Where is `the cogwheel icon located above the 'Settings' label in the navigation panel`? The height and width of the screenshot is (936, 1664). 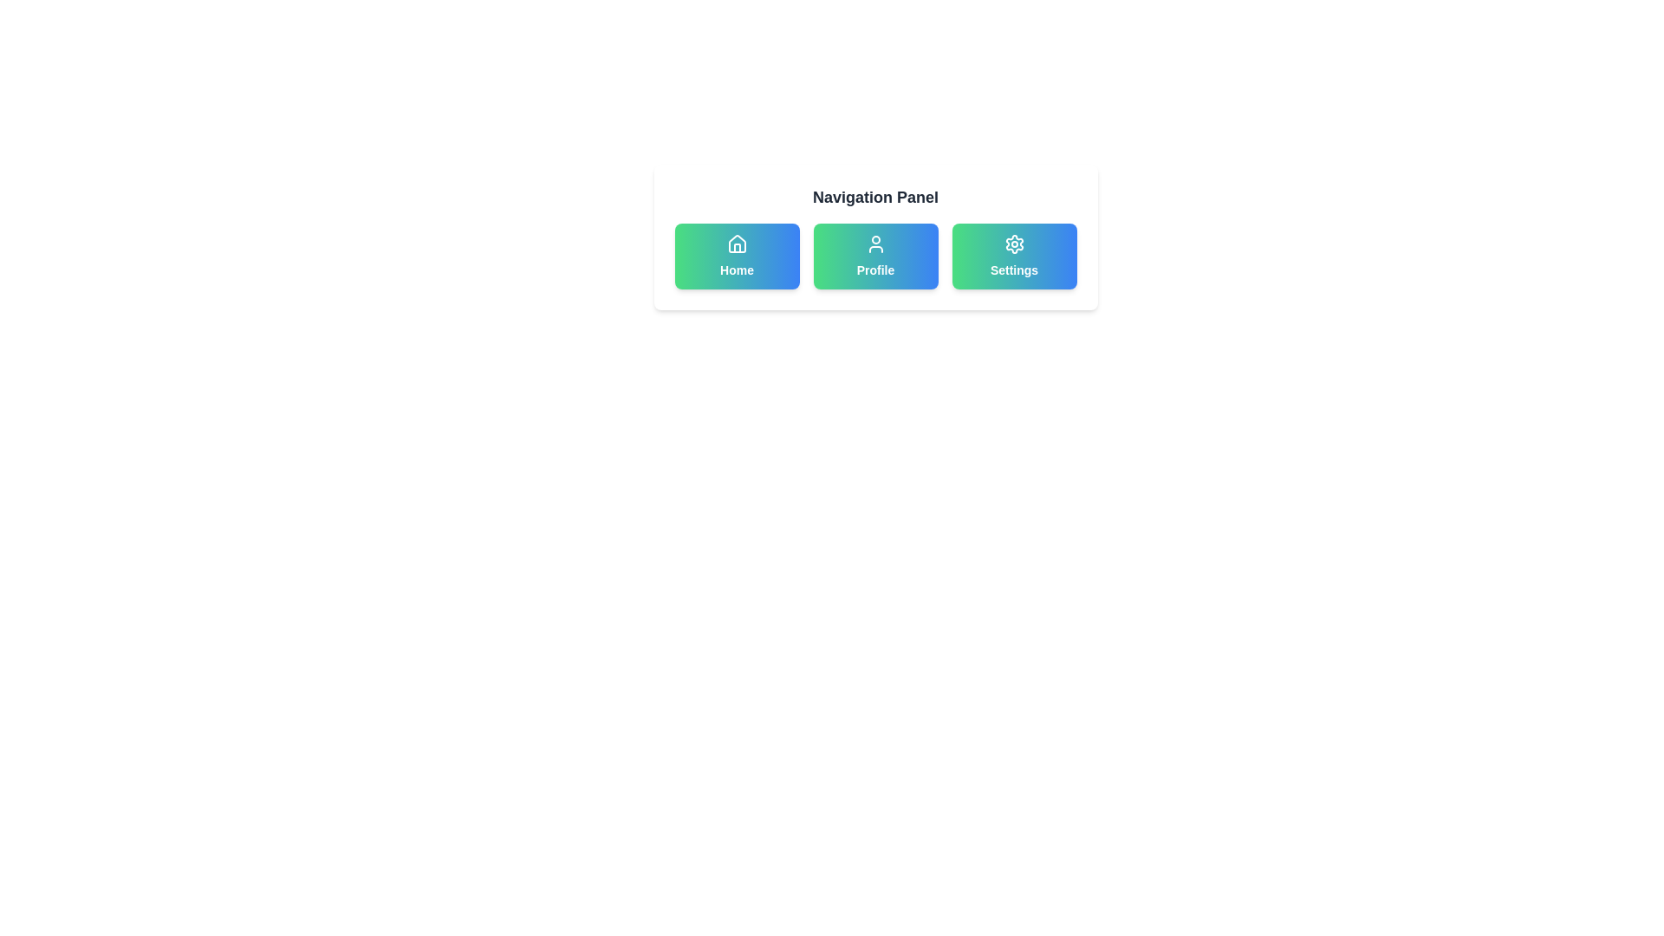
the cogwheel icon located above the 'Settings' label in the navigation panel is located at coordinates (1014, 244).